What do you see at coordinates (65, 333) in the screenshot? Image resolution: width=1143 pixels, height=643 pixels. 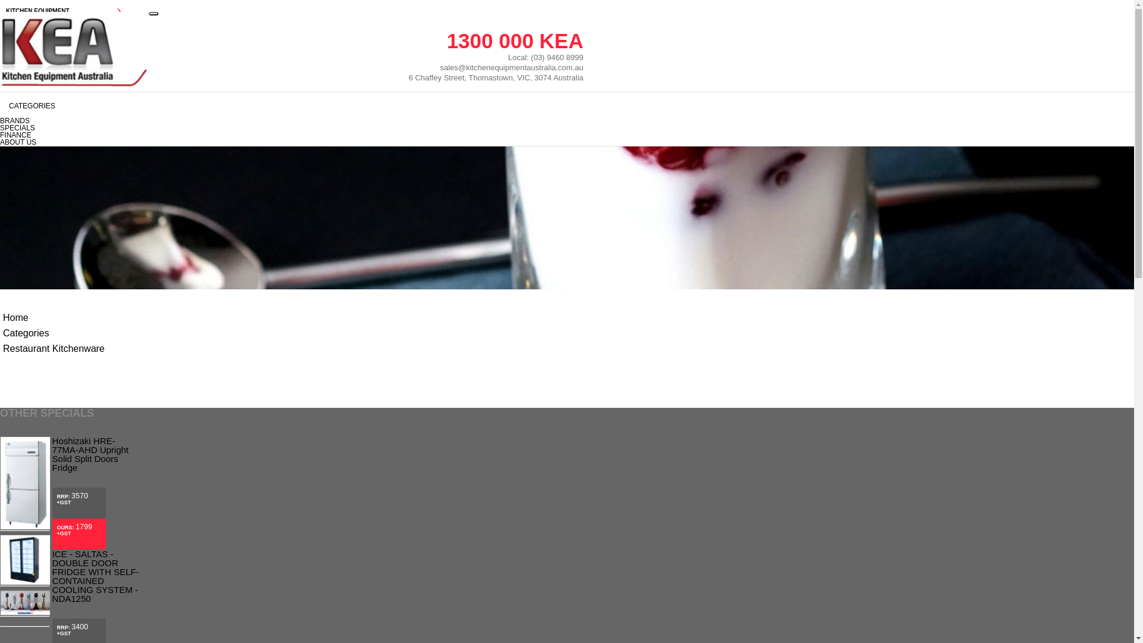 I see `'GREASE TRAPS'` at bounding box center [65, 333].